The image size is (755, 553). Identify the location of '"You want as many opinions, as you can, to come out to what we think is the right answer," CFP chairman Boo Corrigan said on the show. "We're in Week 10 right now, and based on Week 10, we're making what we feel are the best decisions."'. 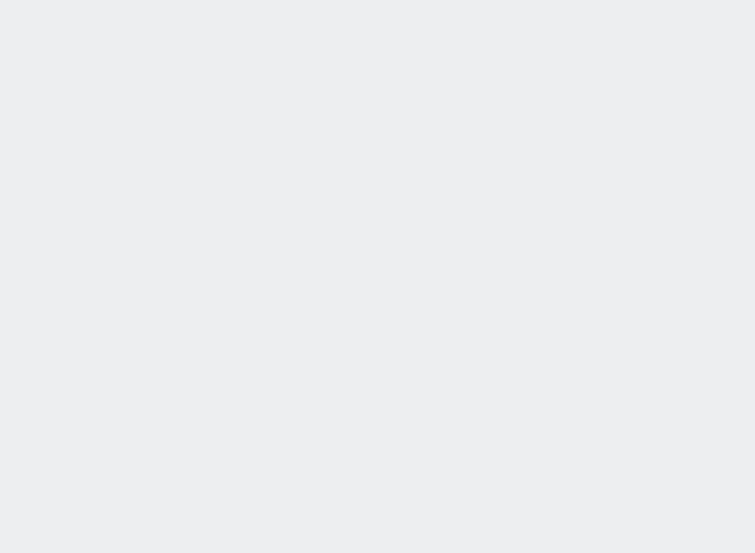
(287, 303).